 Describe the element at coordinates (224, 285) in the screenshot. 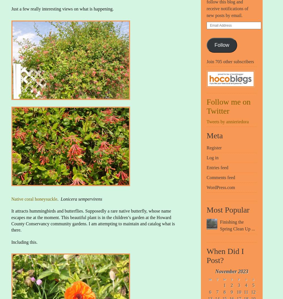

I see `'1'` at that location.